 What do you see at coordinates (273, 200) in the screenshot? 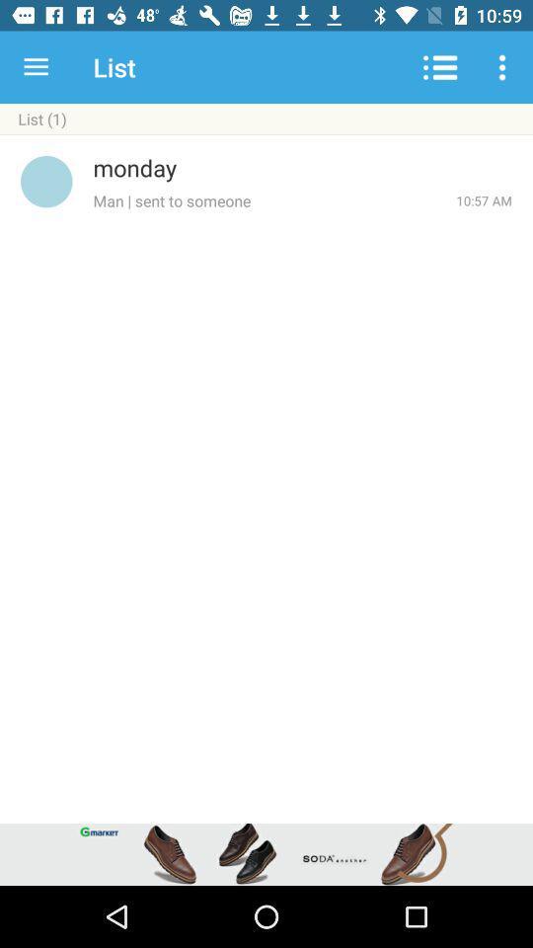
I see `icon below monday icon` at bounding box center [273, 200].